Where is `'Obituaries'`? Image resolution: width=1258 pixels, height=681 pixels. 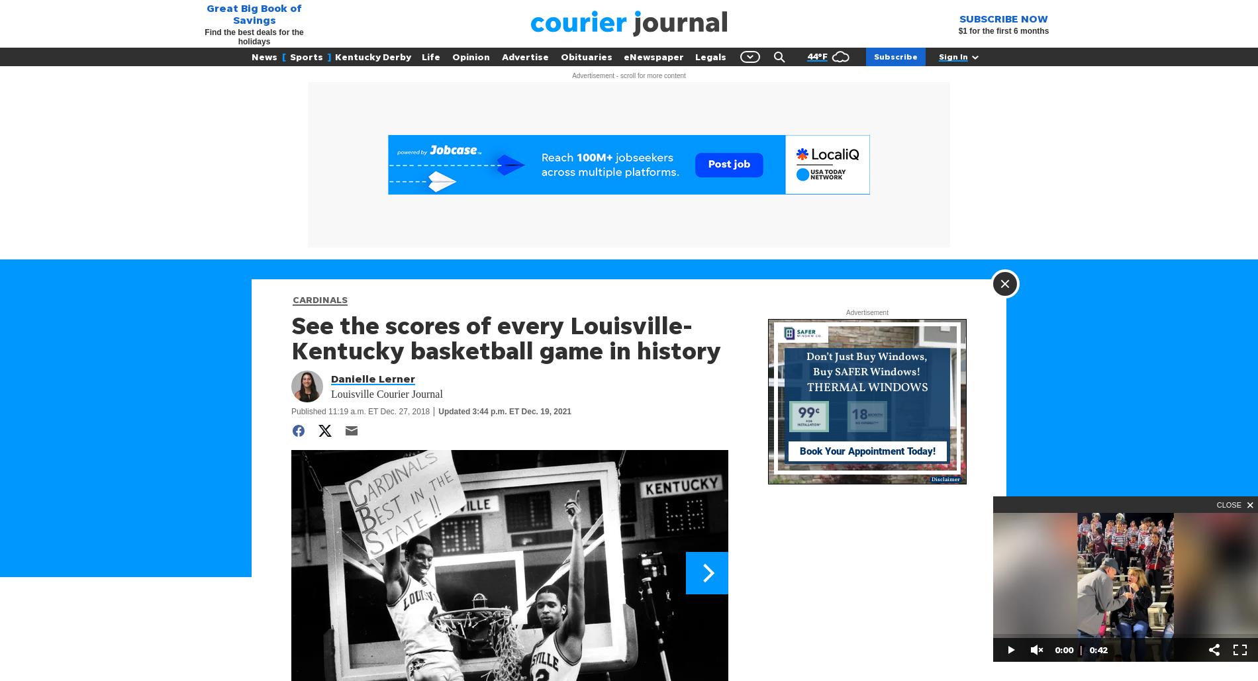
'Obituaries' is located at coordinates (585, 56).